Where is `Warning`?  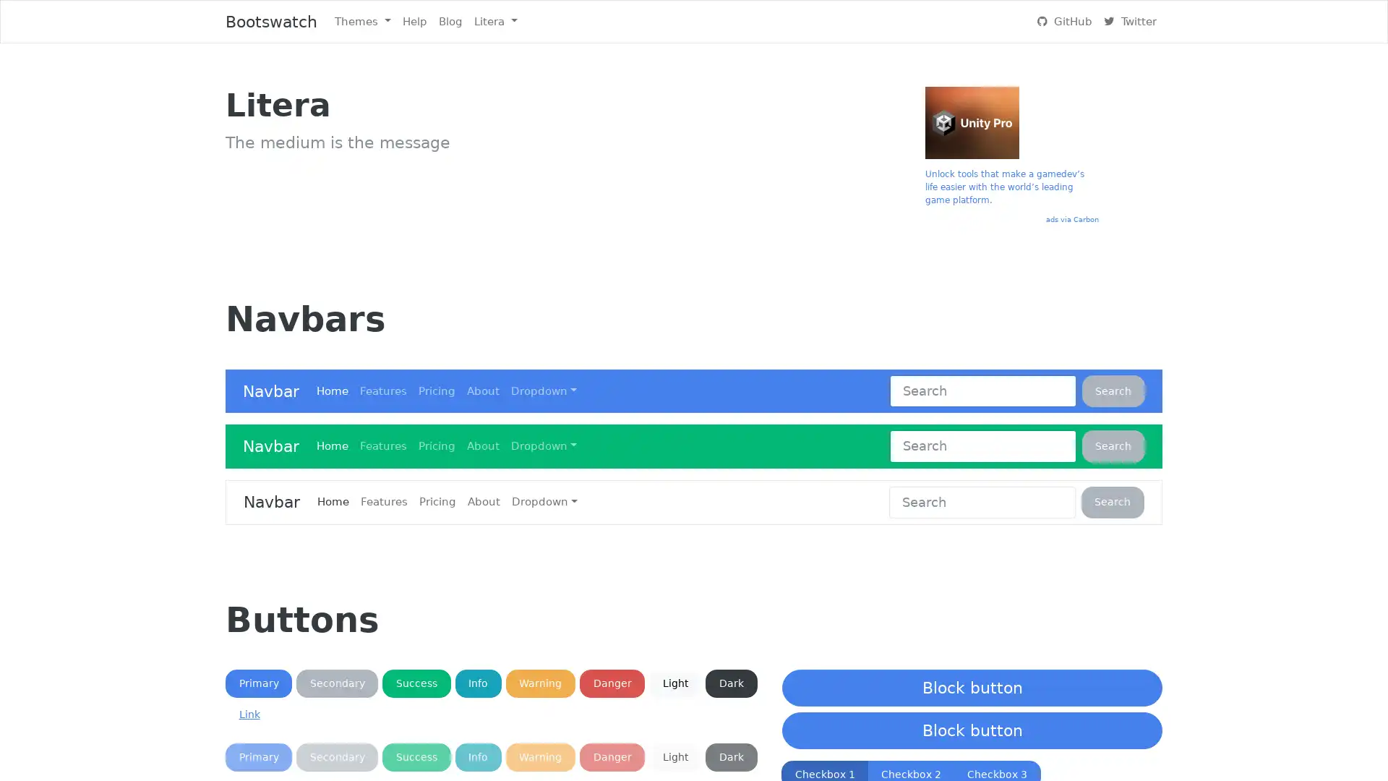
Warning is located at coordinates (539, 756).